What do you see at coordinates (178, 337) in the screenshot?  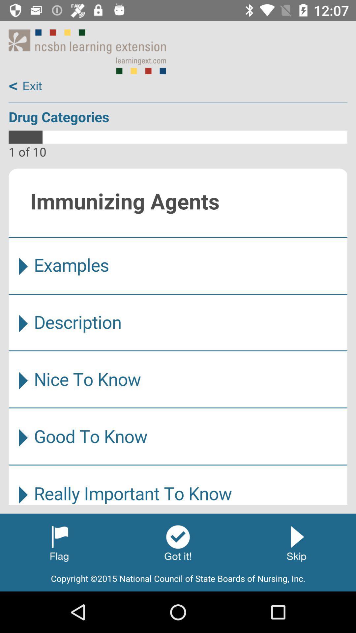 I see `content area` at bounding box center [178, 337].